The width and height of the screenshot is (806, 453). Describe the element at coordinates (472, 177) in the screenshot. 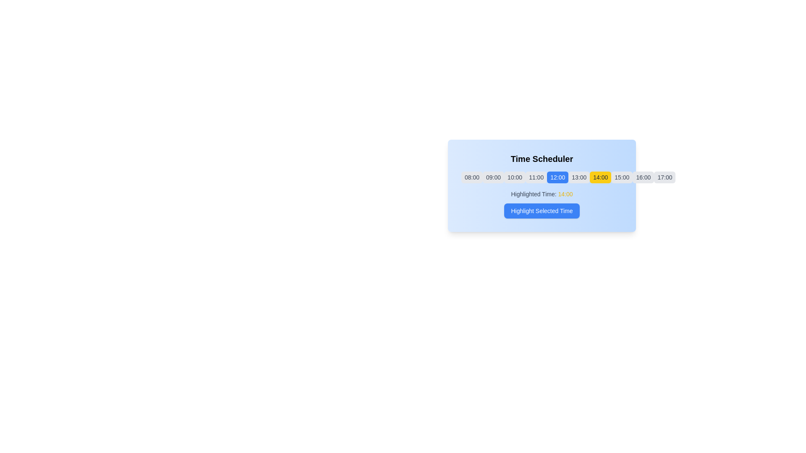

I see `the button labeled '08:00'` at that location.